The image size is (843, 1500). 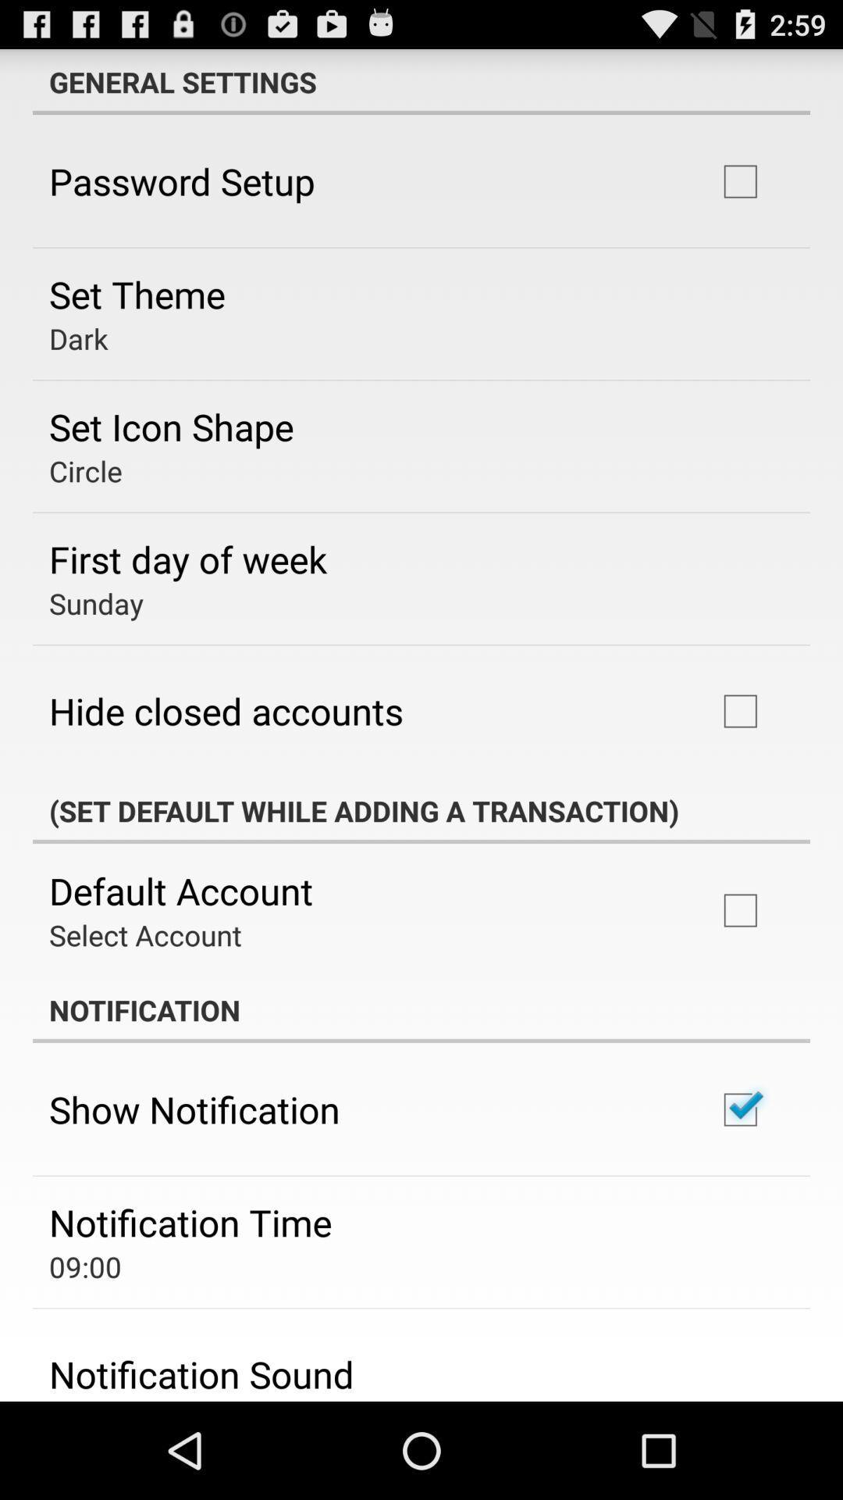 What do you see at coordinates (187, 559) in the screenshot?
I see `item below circle` at bounding box center [187, 559].